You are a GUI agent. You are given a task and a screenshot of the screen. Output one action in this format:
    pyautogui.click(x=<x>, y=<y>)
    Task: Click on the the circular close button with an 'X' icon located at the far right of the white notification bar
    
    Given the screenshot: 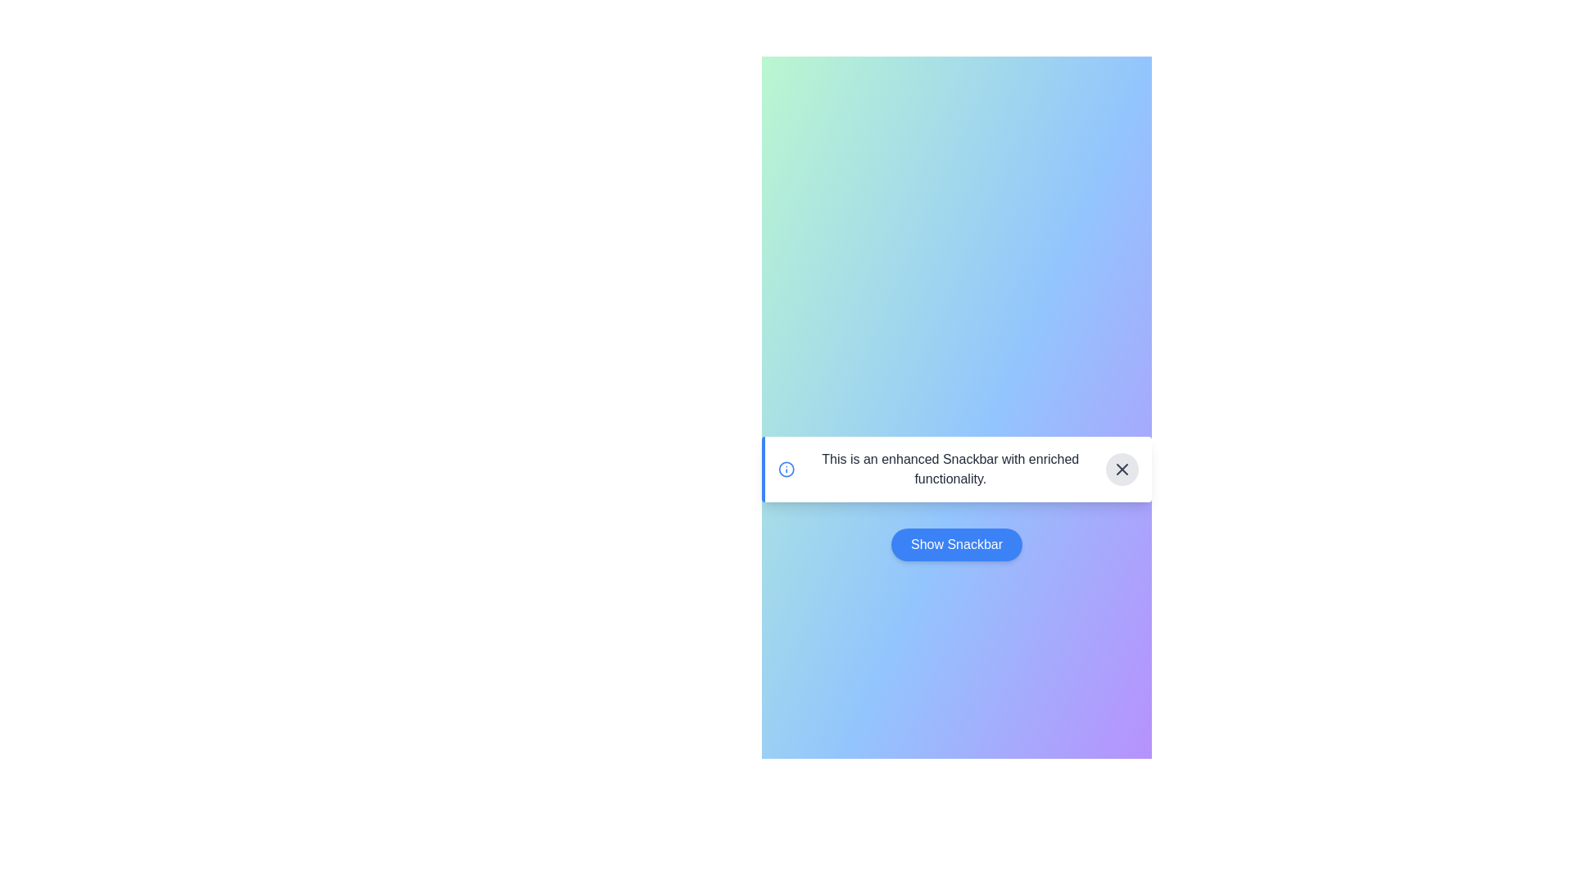 What is the action you would take?
    pyautogui.click(x=1121, y=470)
    